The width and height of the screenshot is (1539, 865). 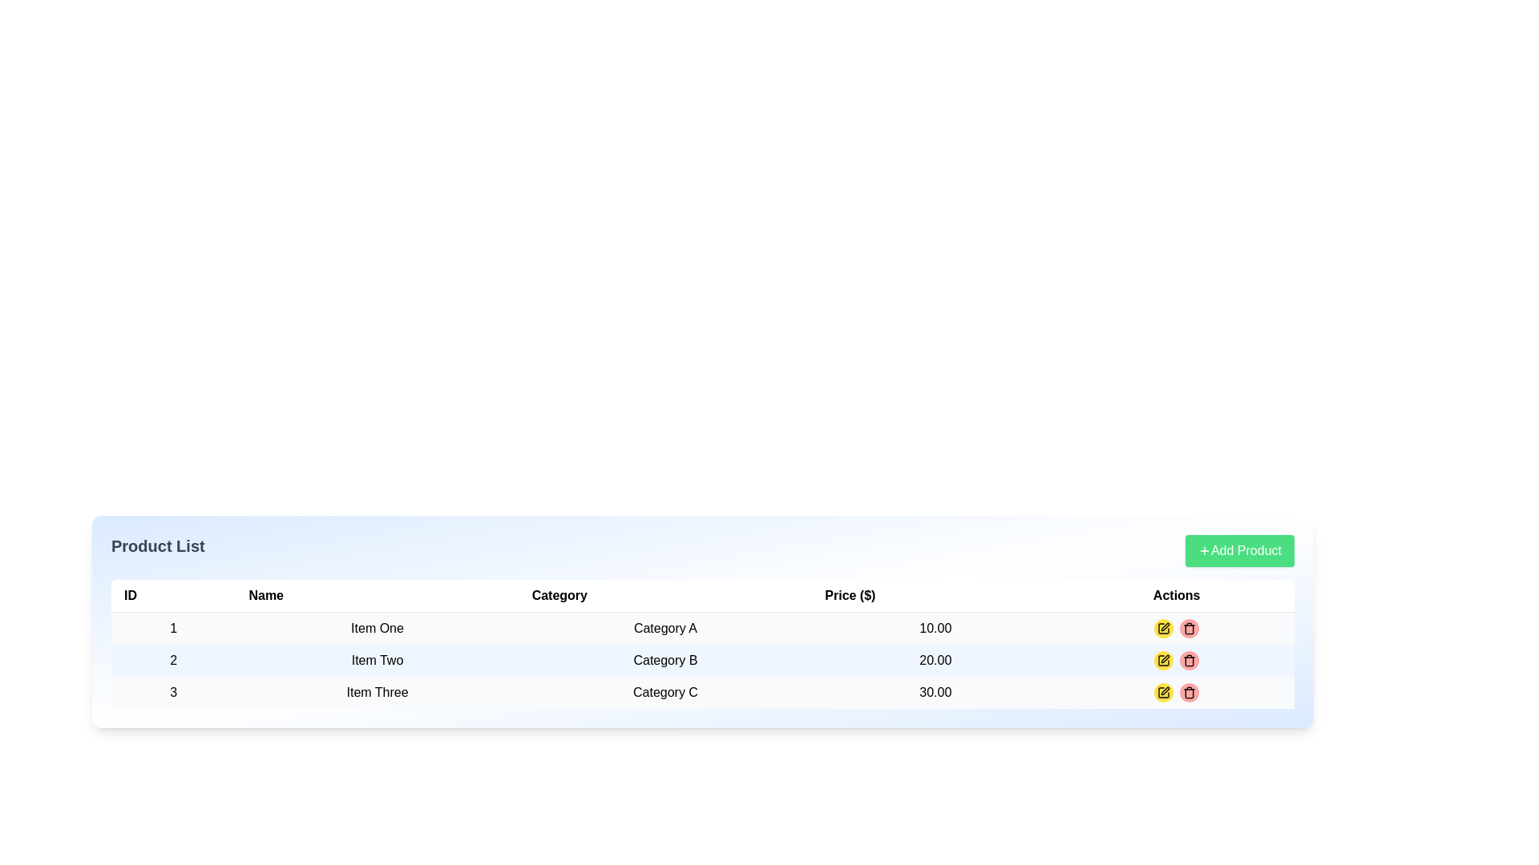 I want to click on the table cell displaying 'Item One' in the second column of the first row under the 'Name' header, so click(x=376, y=627).